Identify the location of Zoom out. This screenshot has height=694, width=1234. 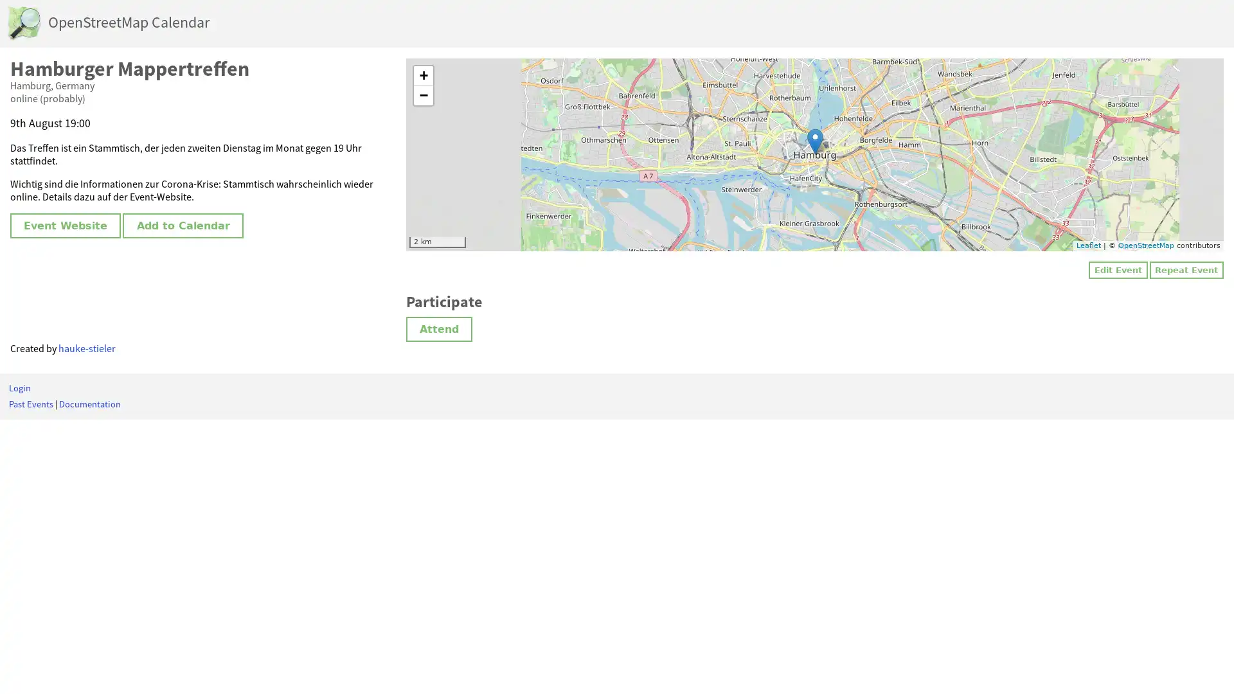
(423, 95).